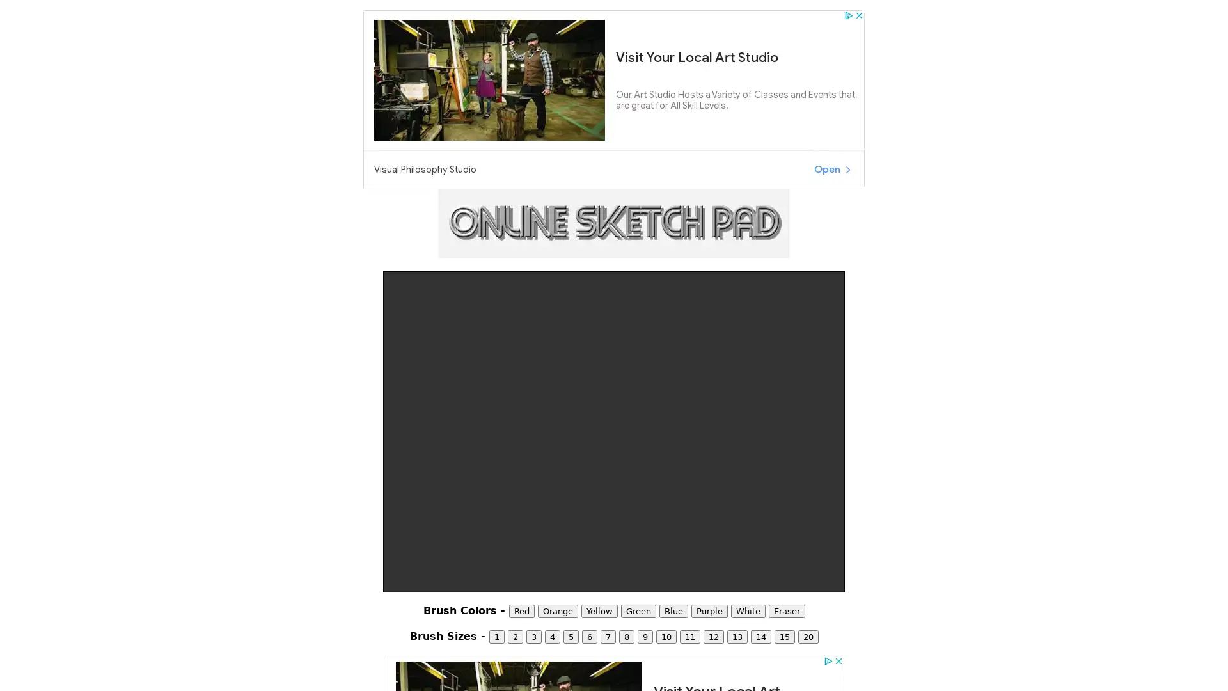  What do you see at coordinates (785, 610) in the screenshot?
I see `Eraser` at bounding box center [785, 610].